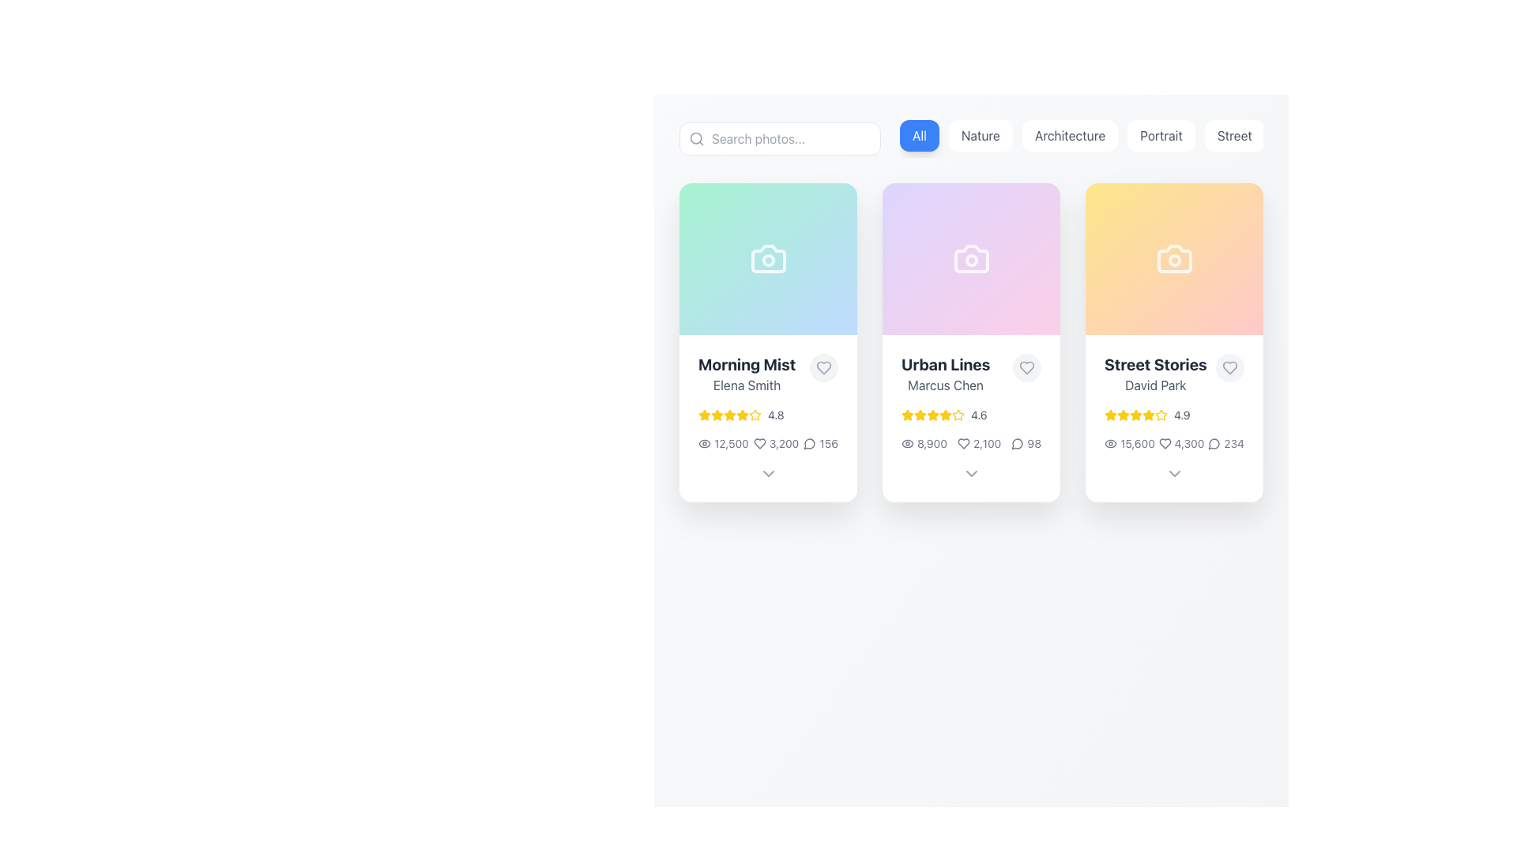 The width and height of the screenshot is (1517, 853). I want to click on the third star in the five-star rating representation under the title 'Urban Lines.', so click(932, 414).